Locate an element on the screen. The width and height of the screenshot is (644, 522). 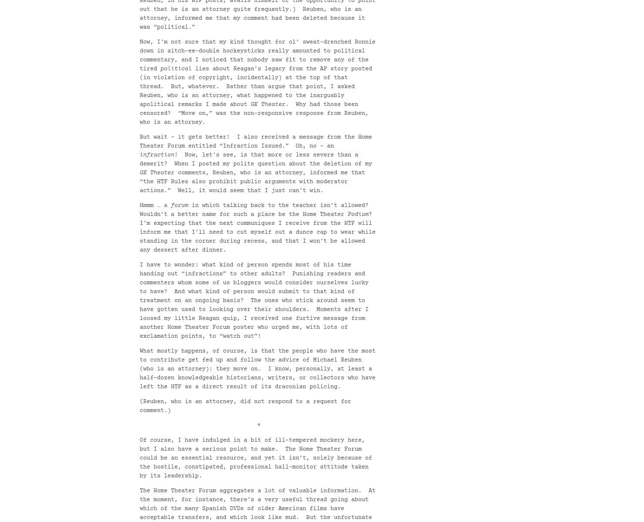
'comments, Reuben, who is an attorney, informed me that “the HTF Rules also prohibit public arguments with moderator actions.”  Well, it would seem that I just can’t win.' is located at coordinates (252, 182).